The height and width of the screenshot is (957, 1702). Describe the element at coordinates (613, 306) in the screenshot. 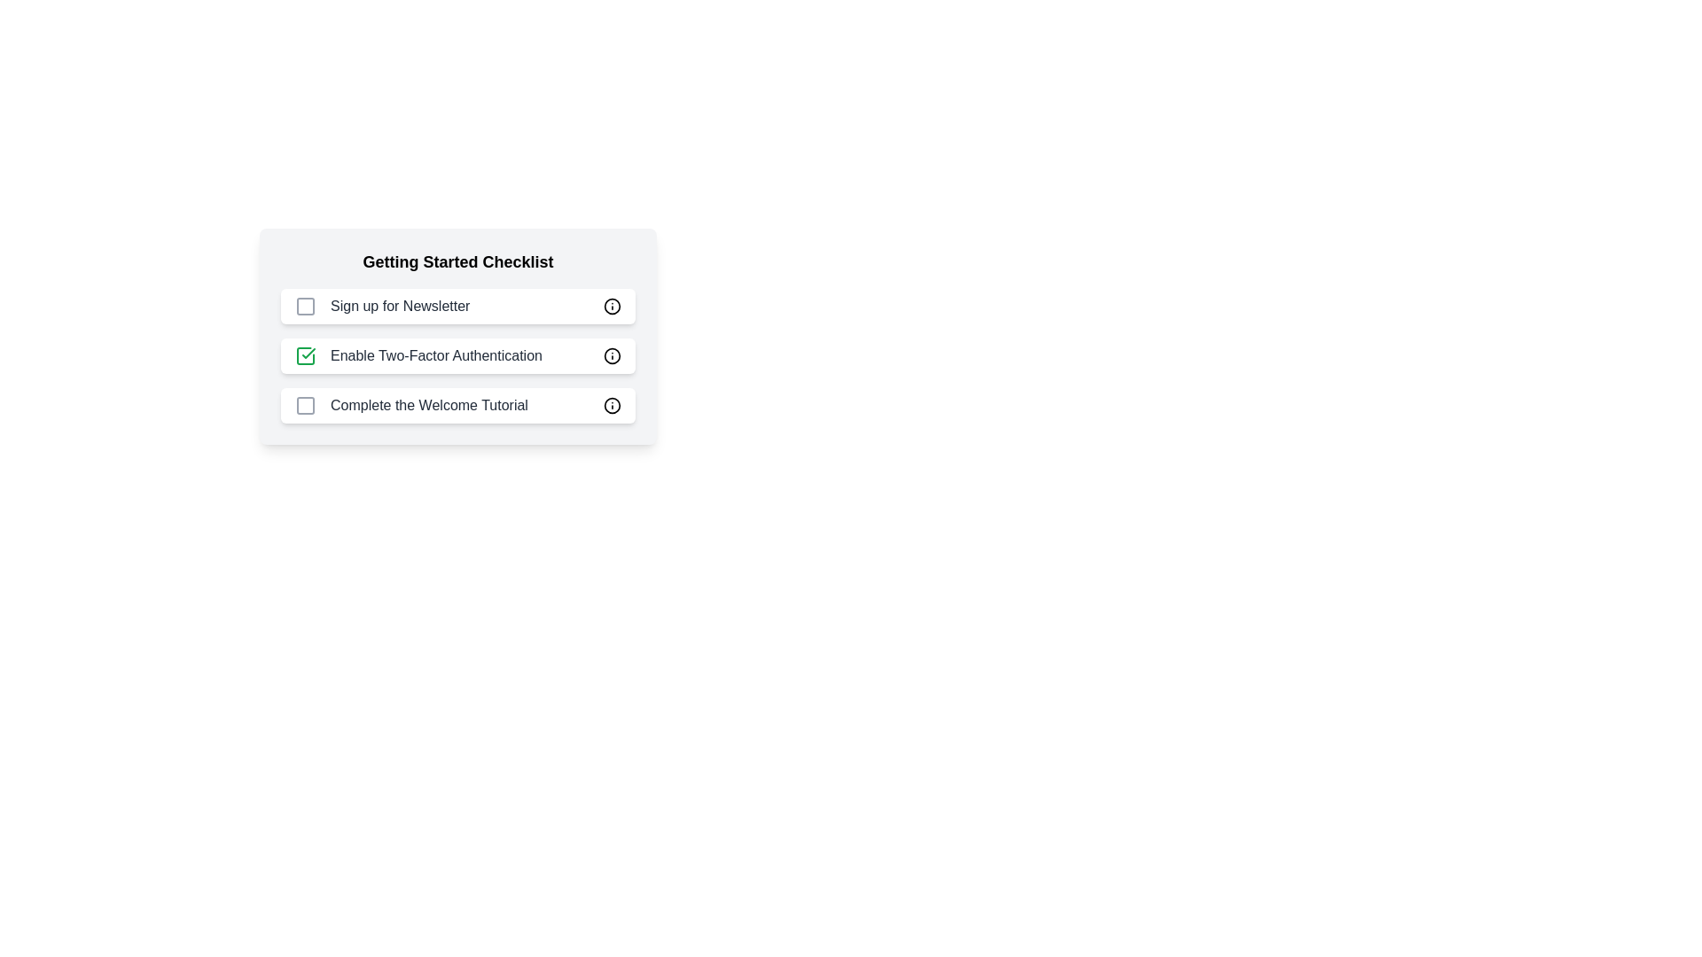

I see `the innermost circular component of the 'info' icon located to the right of the 'Sign up for Newsletter' label in the 'Getting Started Checklist'` at that location.